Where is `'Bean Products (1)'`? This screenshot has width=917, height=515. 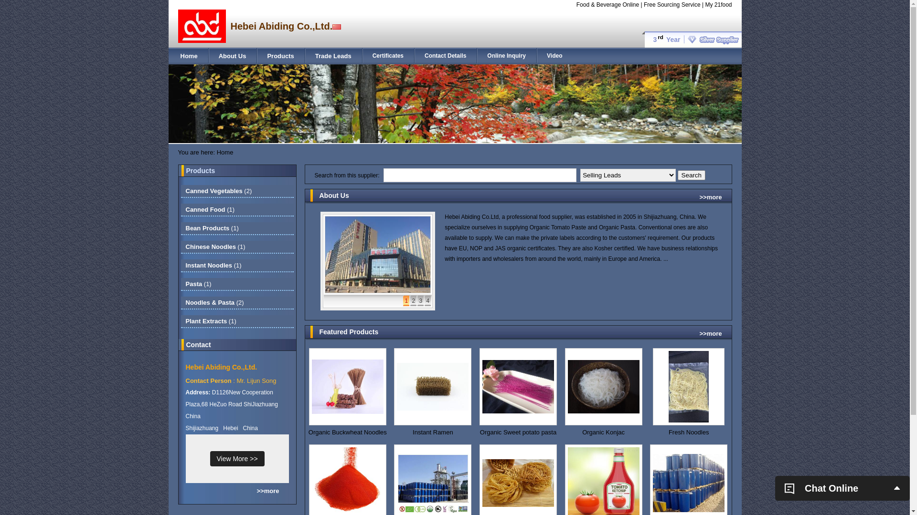
'Bean Products (1)' is located at coordinates (211, 228).